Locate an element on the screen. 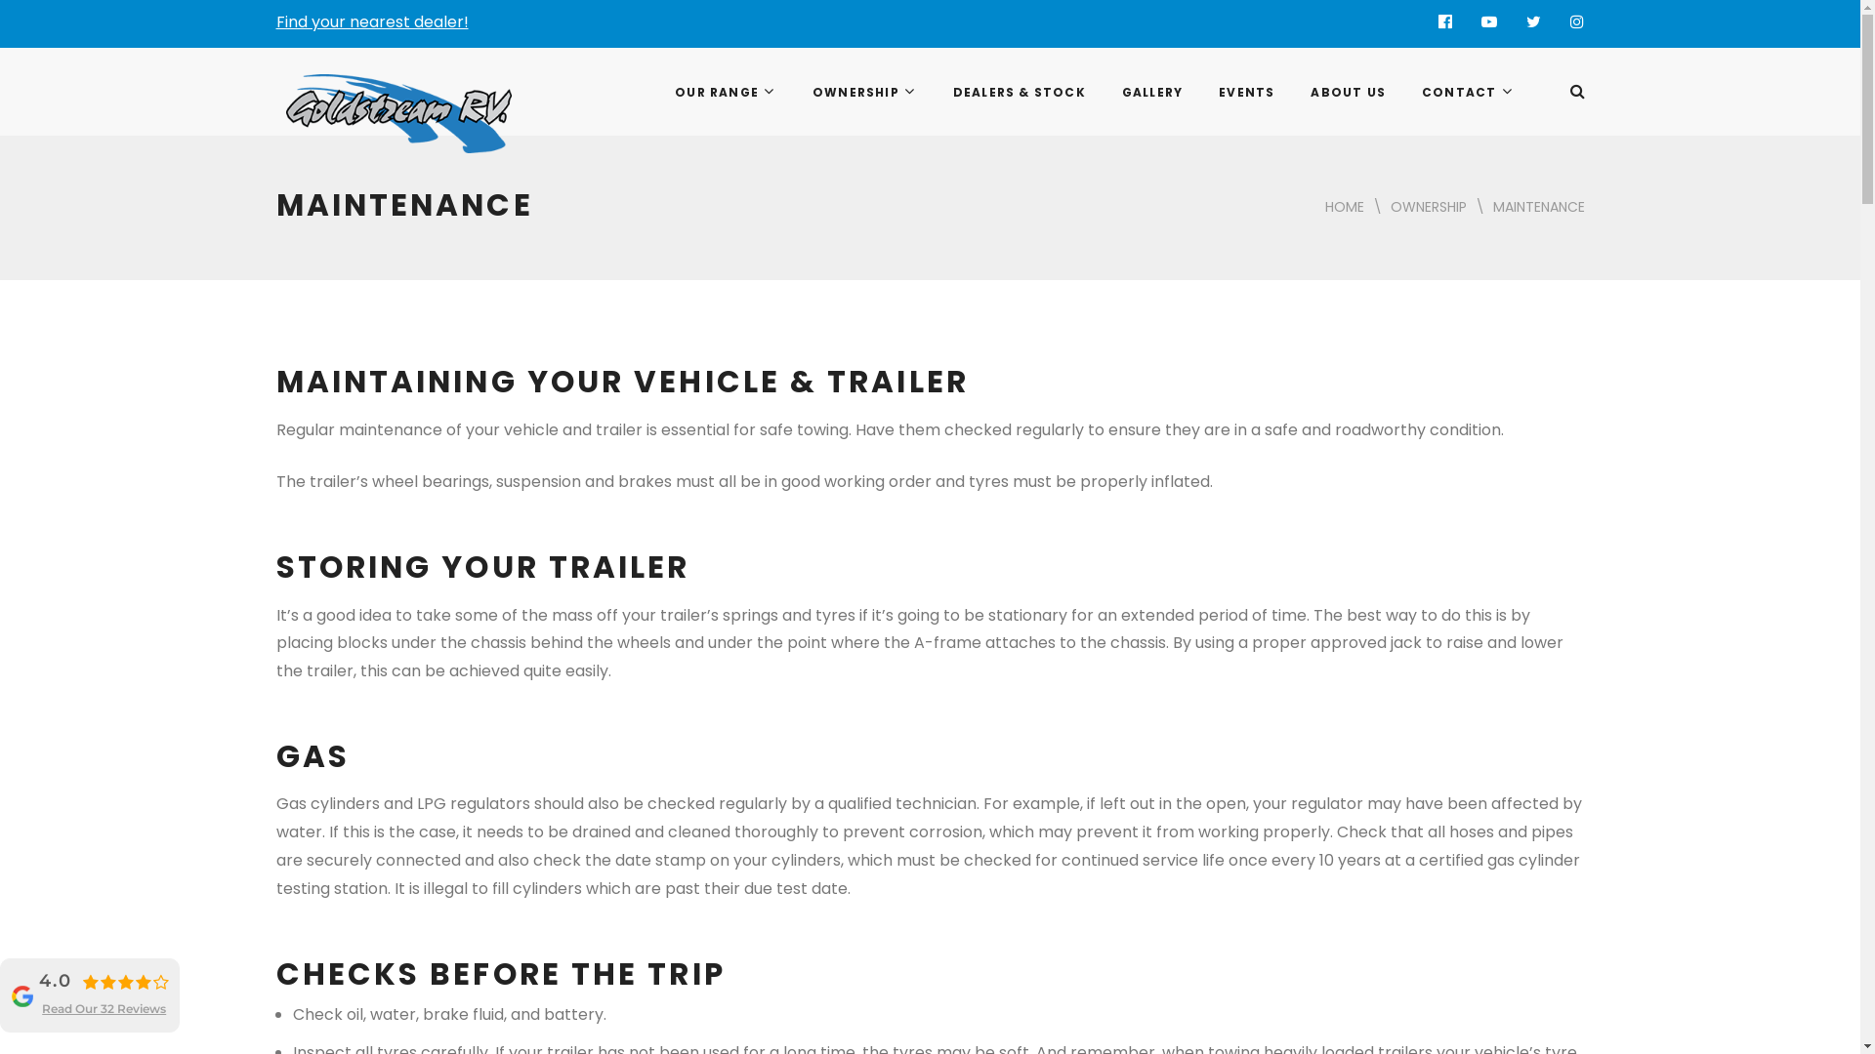 This screenshot has width=1875, height=1054. 'OUR RANGE' is located at coordinates (723, 92).